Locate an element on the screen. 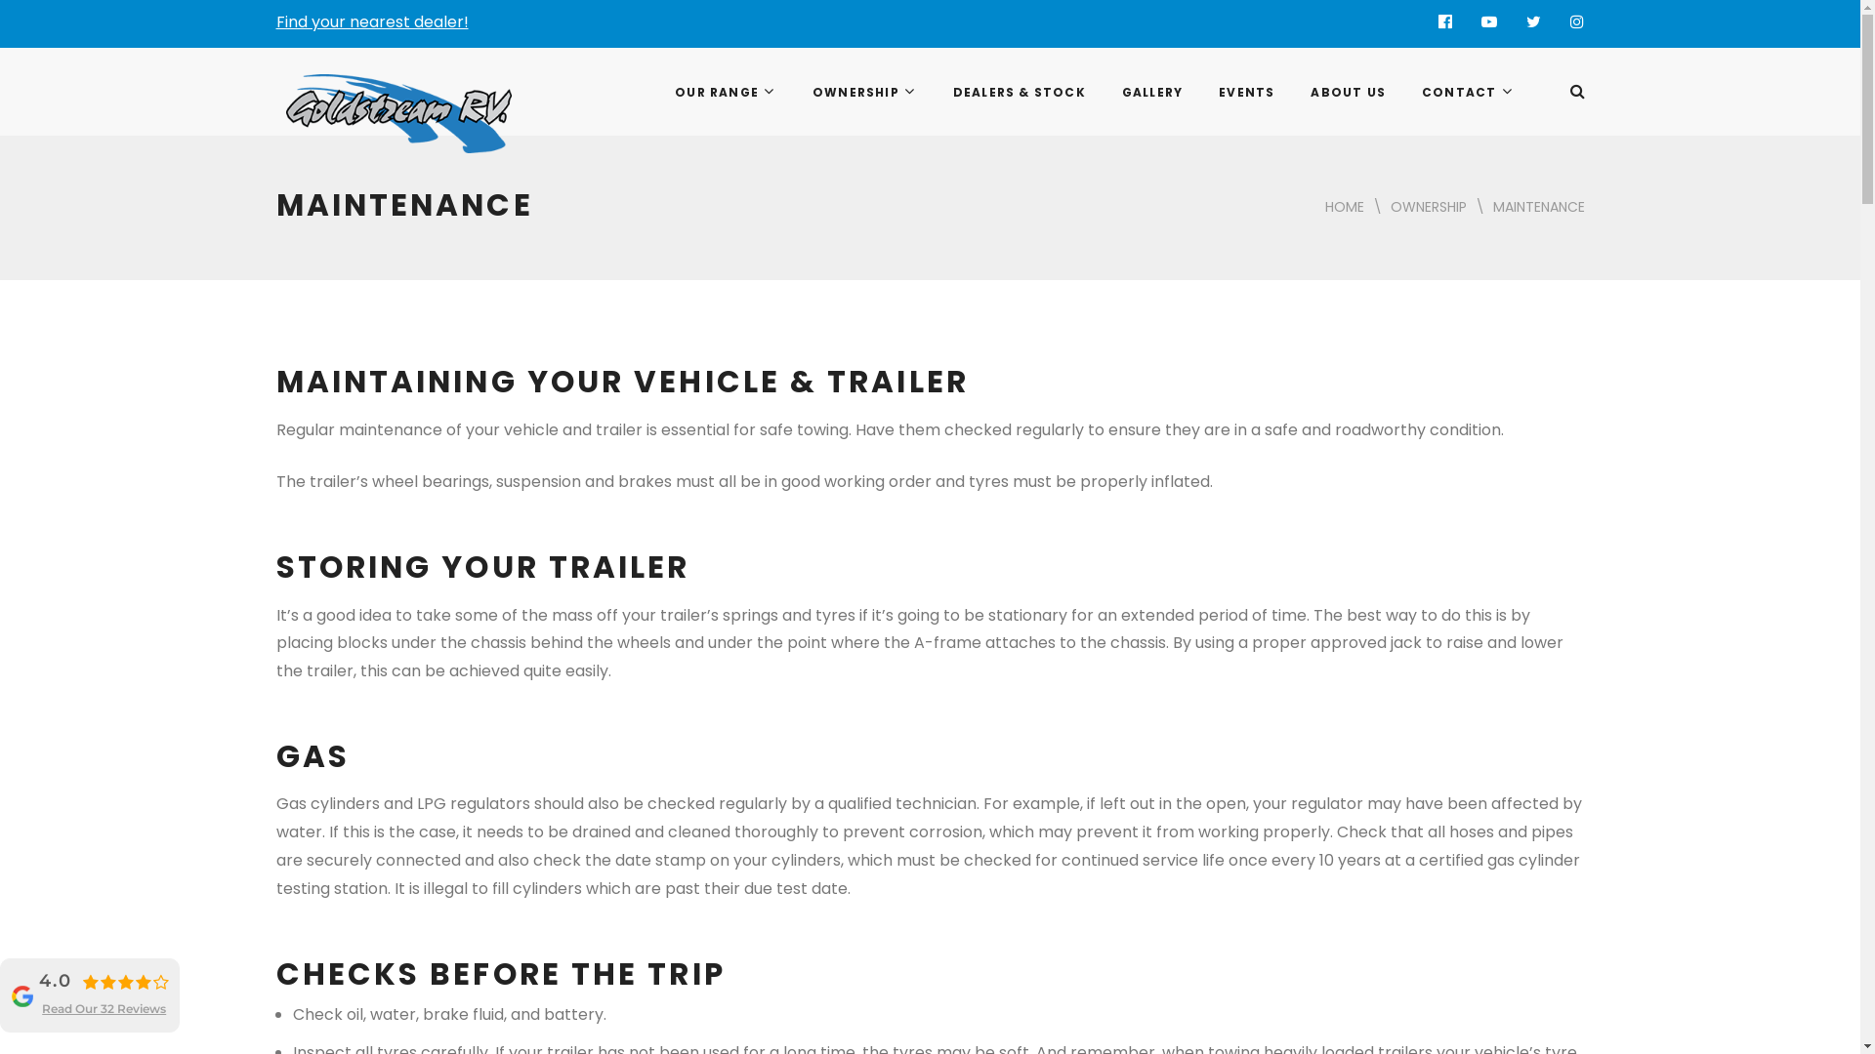 This screenshot has width=1875, height=1054. 'OUR RANGE' is located at coordinates (723, 92).